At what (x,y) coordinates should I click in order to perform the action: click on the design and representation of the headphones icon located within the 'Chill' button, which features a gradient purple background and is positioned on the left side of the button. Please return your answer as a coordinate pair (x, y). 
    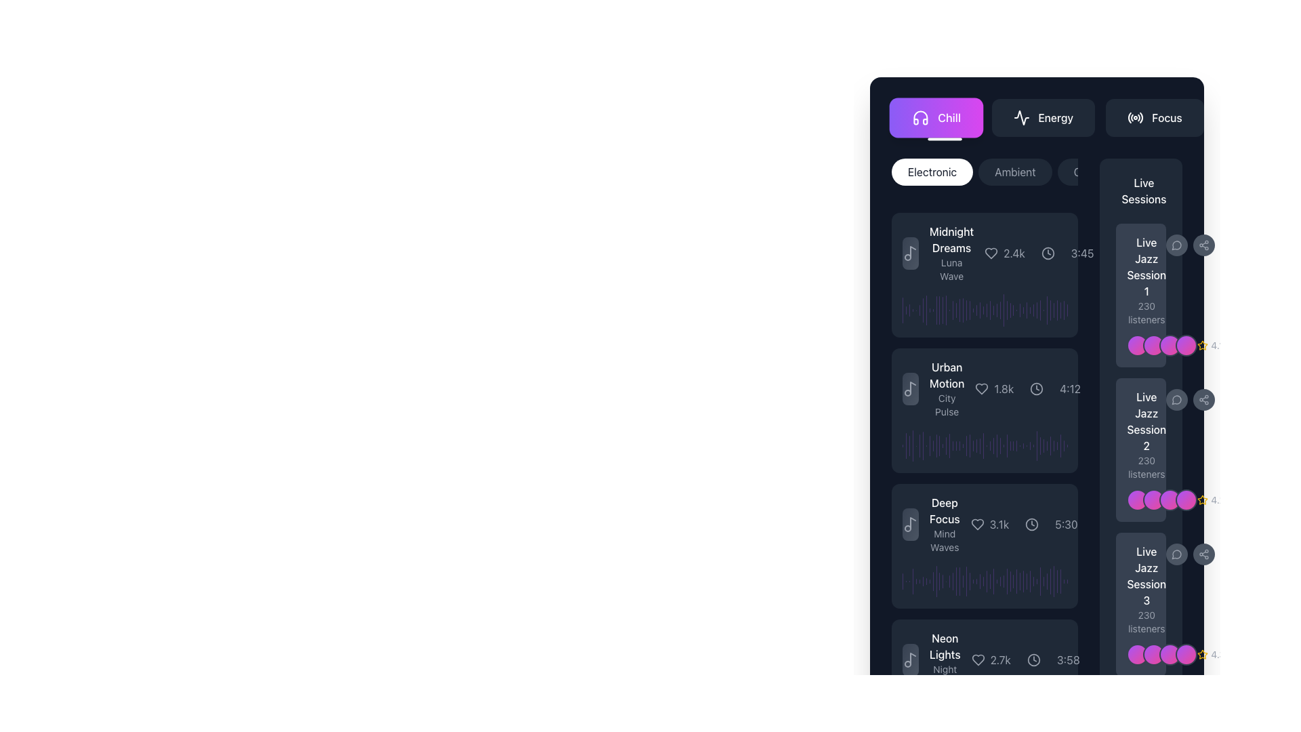
    Looking at the image, I should click on (920, 117).